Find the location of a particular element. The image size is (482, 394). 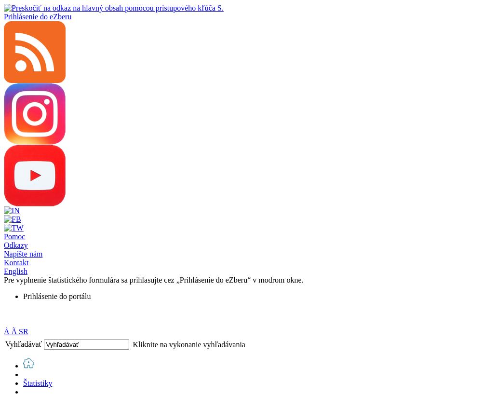

'English' is located at coordinates (15, 271).